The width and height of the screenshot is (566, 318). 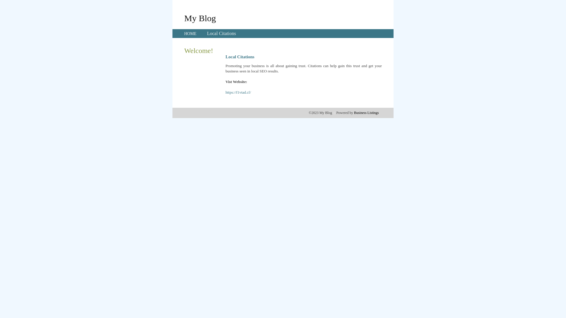 What do you see at coordinates (190, 34) in the screenshot?
I see `'HOME'` at bounding box center [190, 34].